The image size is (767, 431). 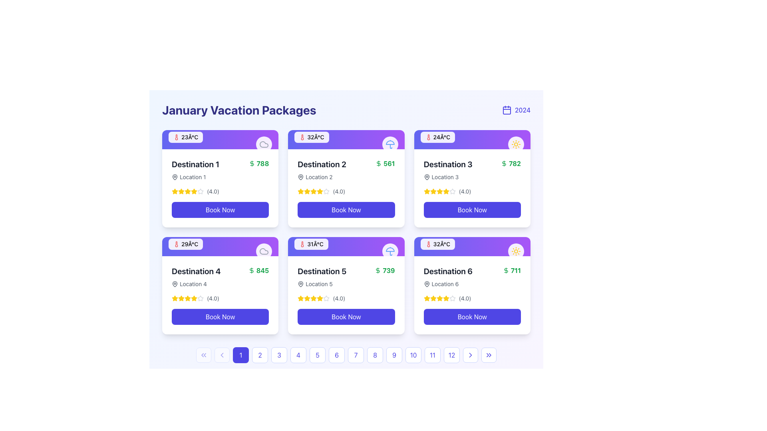 What do you see at coordinates (439, 191) in the screenshot?
I see `the fourth star icon in the rating system displayed in the review section` at bounding box center [439, 191].